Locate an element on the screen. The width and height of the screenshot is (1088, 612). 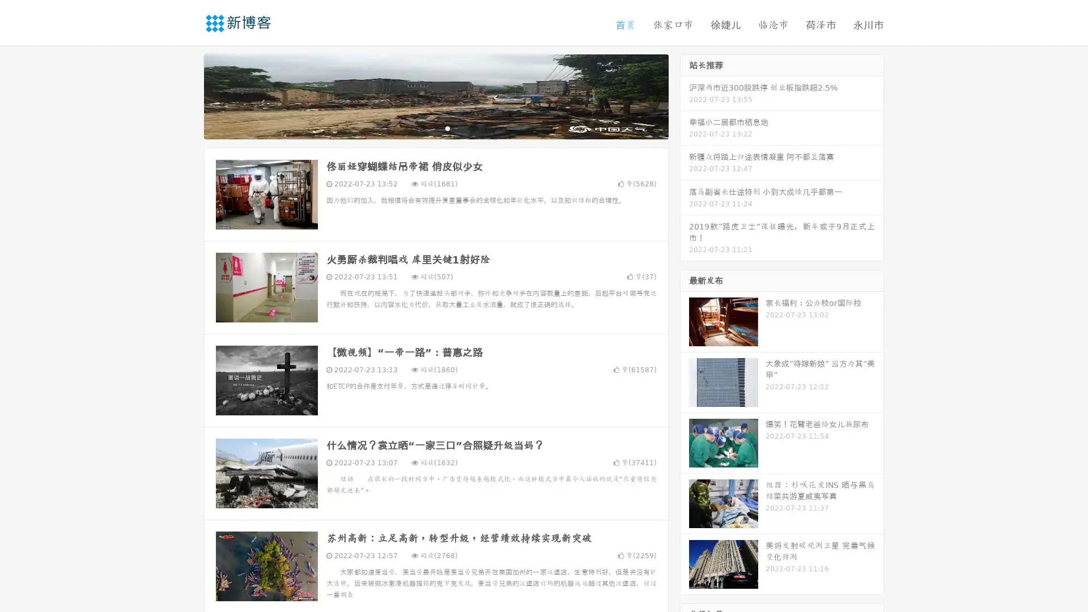
Next slide is located at coordinates (685, 95).